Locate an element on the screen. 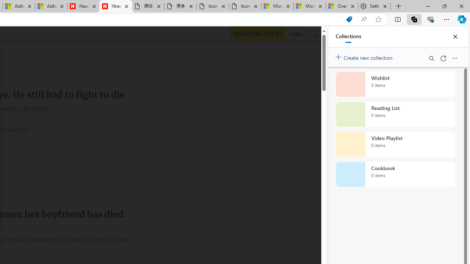 This screenshot has height=264, width=470. 'Reading List collection, 0 items' is located at coordinates (395, 114).